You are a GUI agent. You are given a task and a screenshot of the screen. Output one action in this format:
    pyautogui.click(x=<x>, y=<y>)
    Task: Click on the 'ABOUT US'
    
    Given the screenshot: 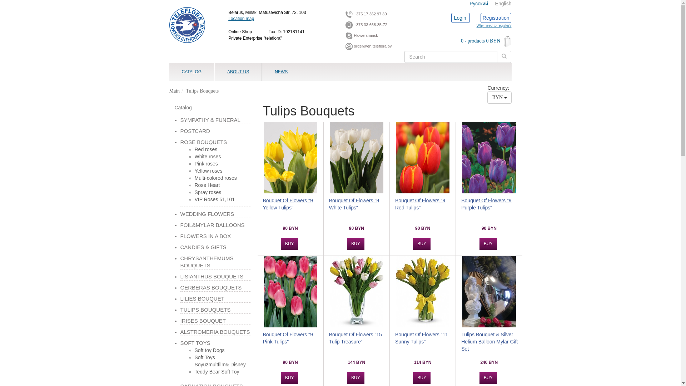 What is the action you would take?
    pyautogui.click(x=238, y=71)
    